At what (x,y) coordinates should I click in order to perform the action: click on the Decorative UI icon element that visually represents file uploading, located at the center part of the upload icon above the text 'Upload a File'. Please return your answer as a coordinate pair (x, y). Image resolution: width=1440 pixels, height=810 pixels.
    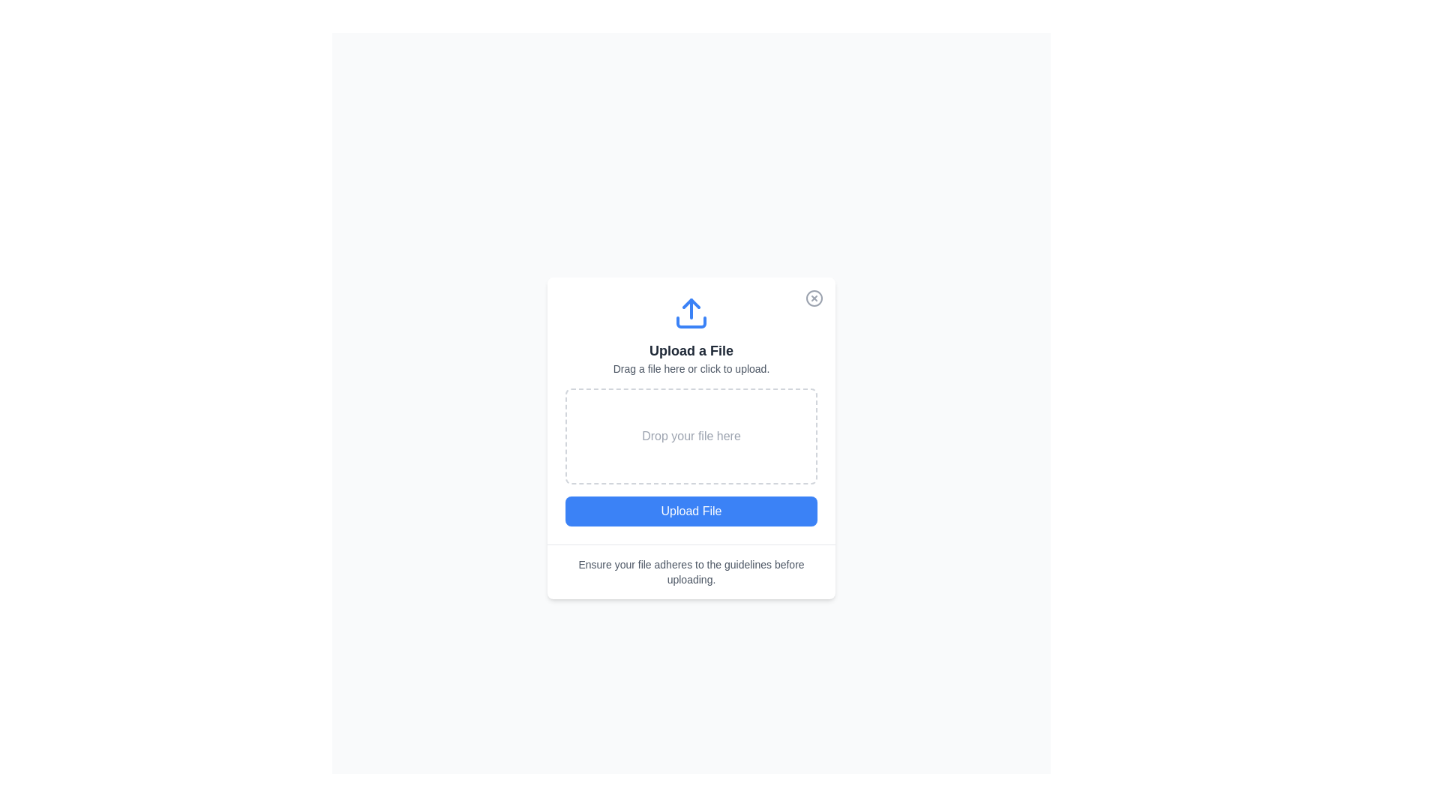
    Looking at the image, I should click on (690, 320).